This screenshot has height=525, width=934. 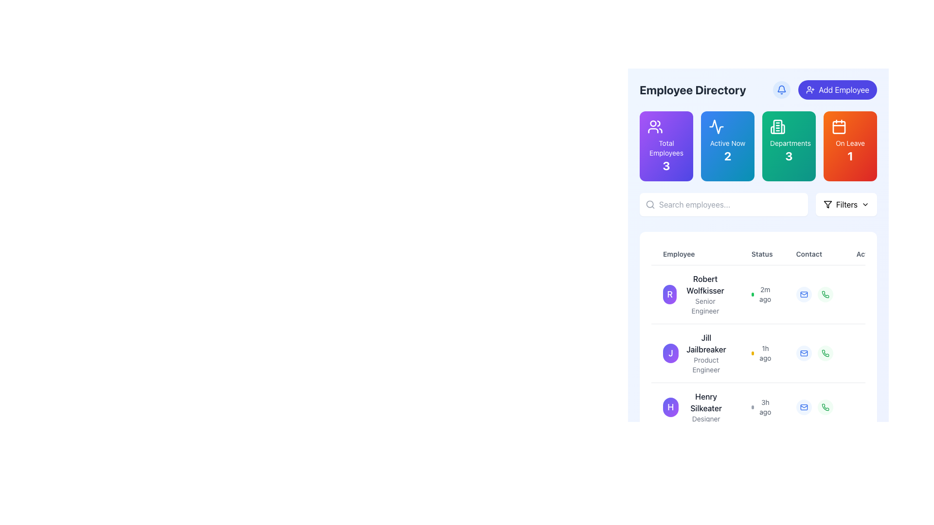 What do you see at coordinates (761, 294) in the screenshot?
I see `the status indicator icon for employee 'Robert Wolfkisser', which shows recent activity status and is right-aligned in the 'Status' column of the employee table` at bounding box center [761, 294].